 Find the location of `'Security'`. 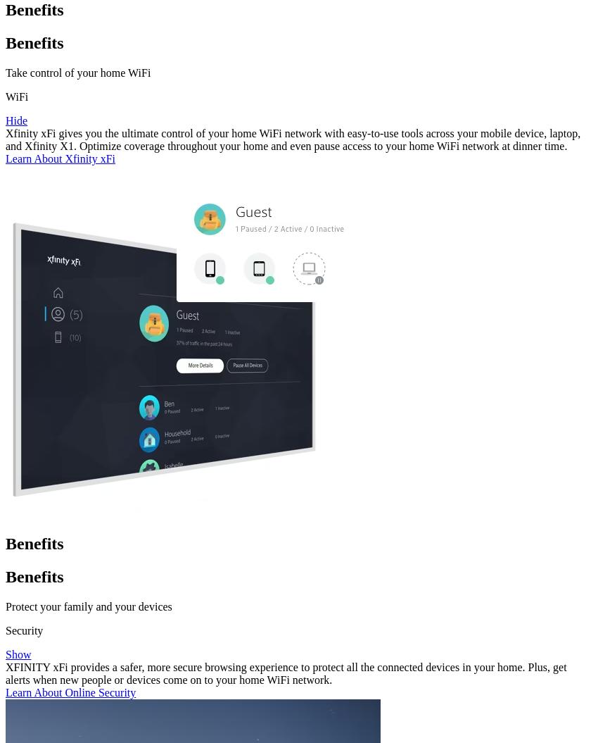

'Security' is located at coordinates (23, 629).